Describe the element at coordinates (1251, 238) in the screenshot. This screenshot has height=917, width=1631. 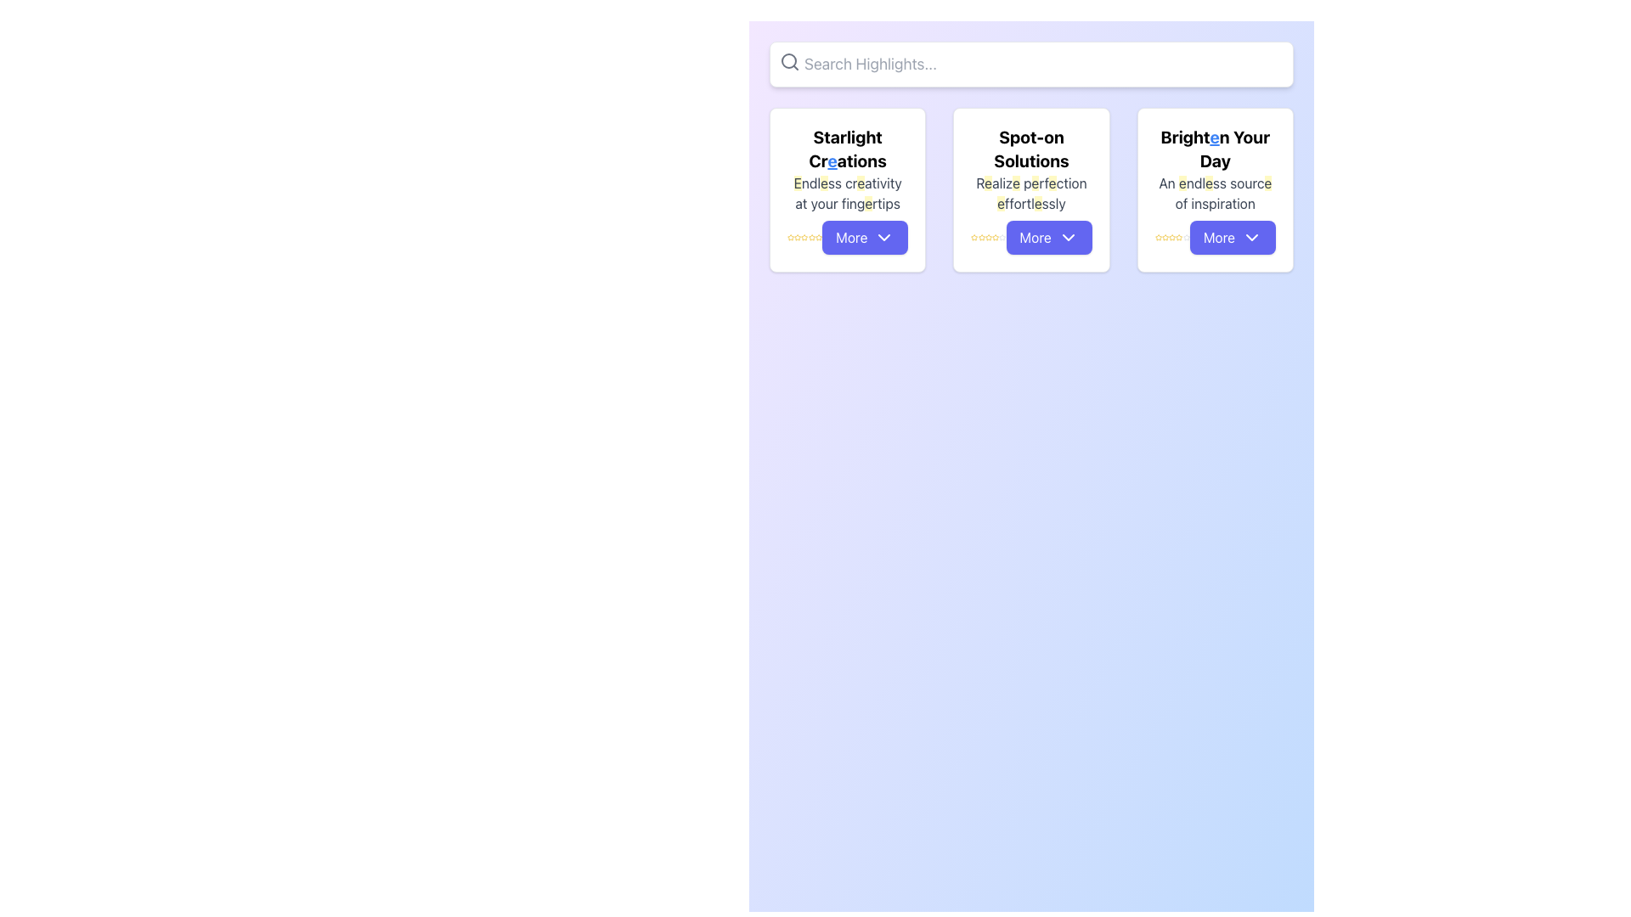
I see `the chevron icon indicating drop-down functionality within the rightmost 'More' button of the 'Brighten Your Day' card` at that location.